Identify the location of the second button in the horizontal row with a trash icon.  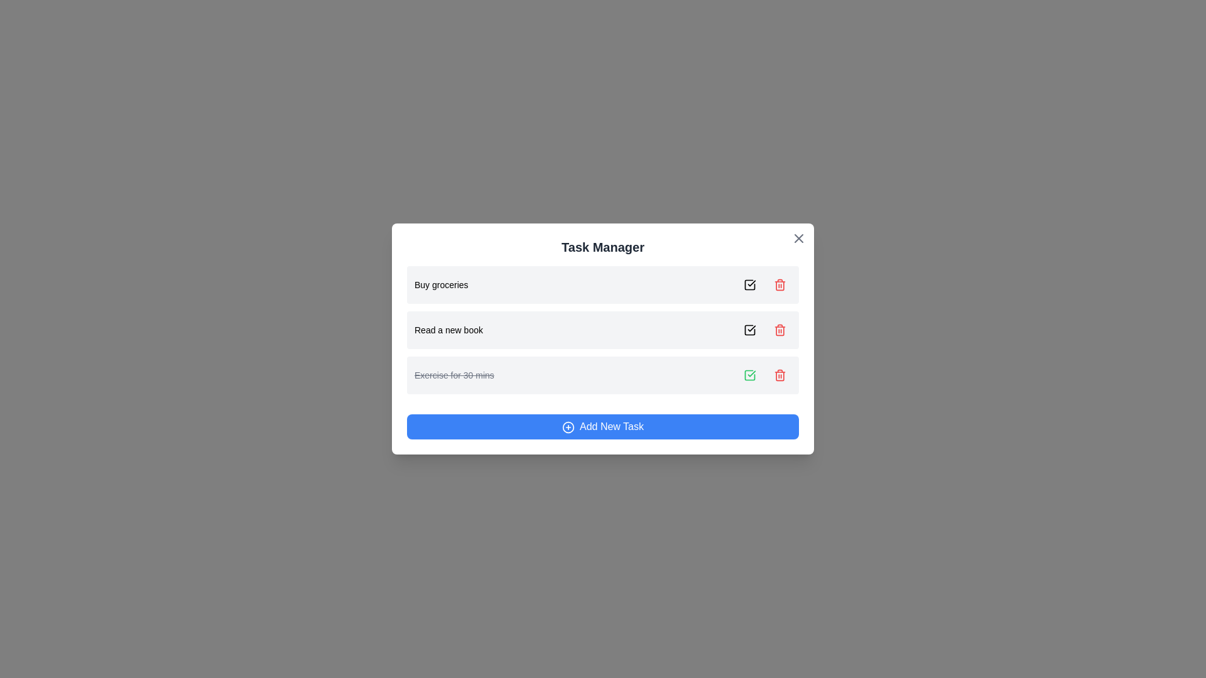
(780, 329).